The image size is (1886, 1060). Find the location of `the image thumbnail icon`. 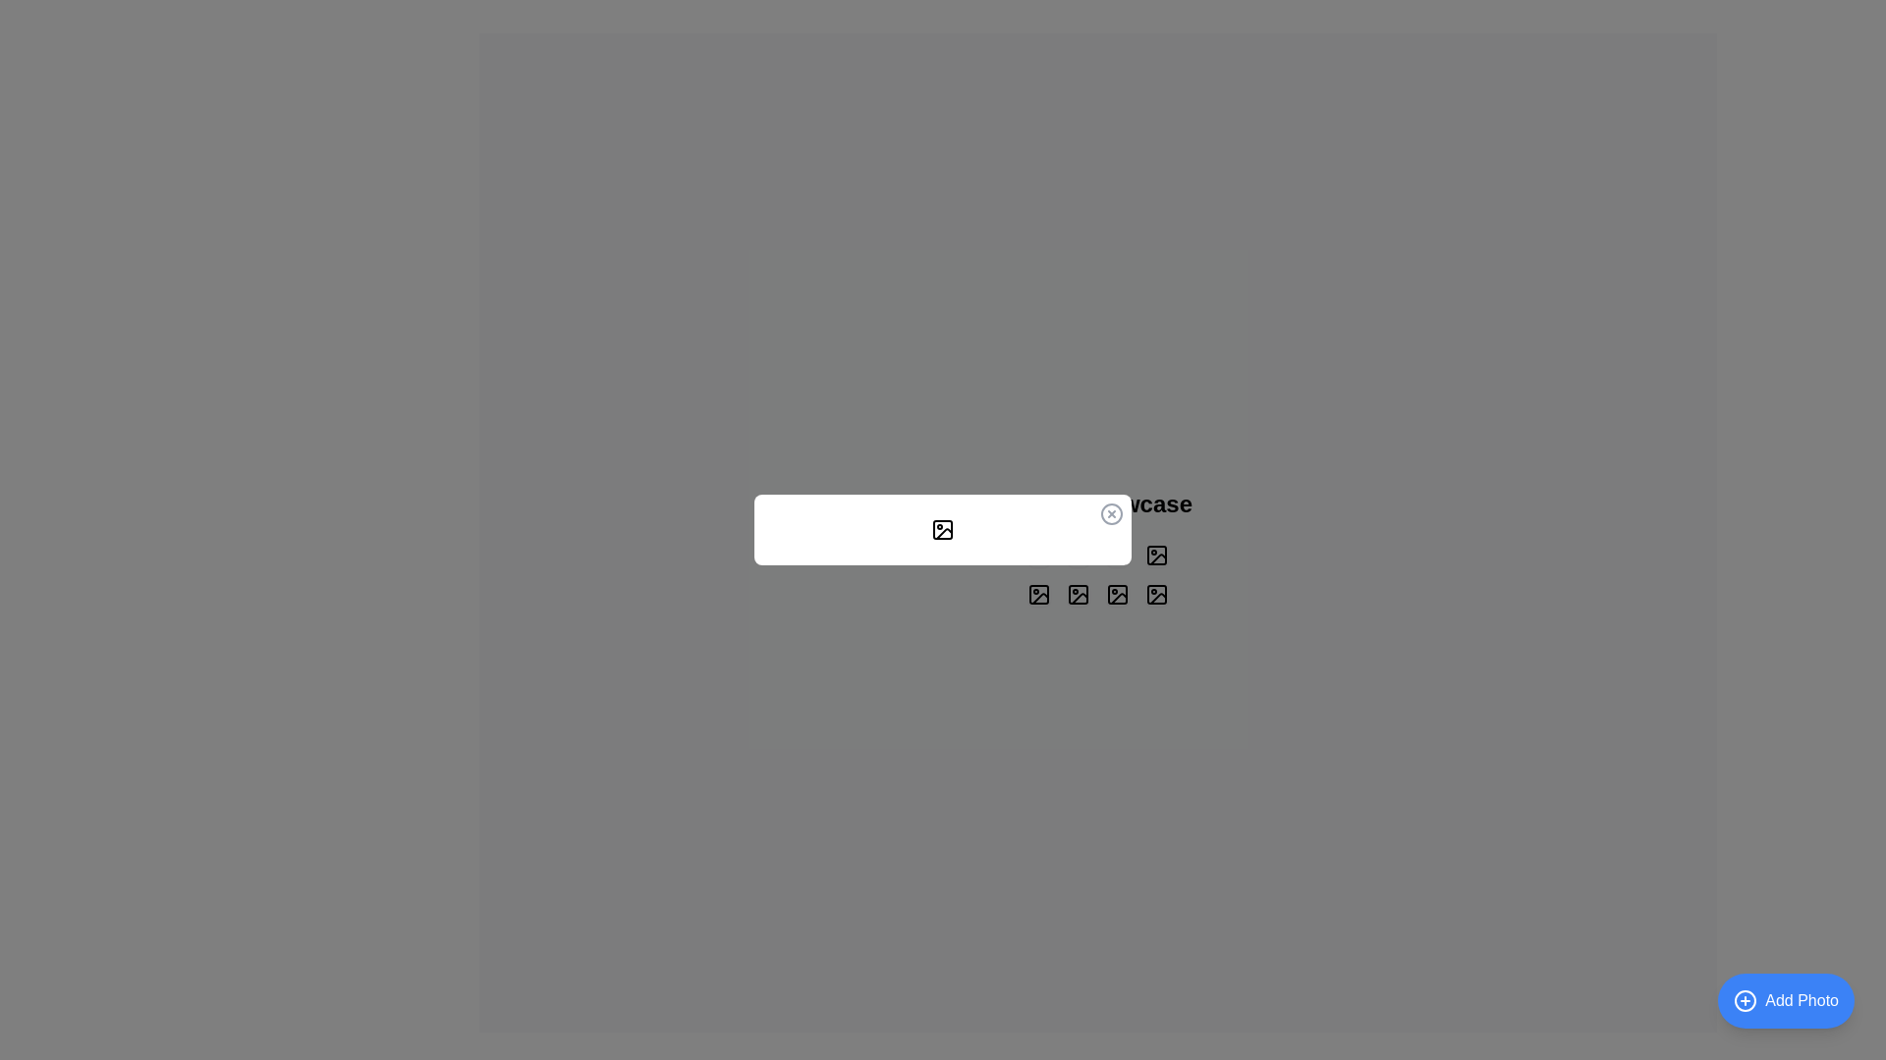

the image thumbnail icon is located at coordinates (1156, 556).